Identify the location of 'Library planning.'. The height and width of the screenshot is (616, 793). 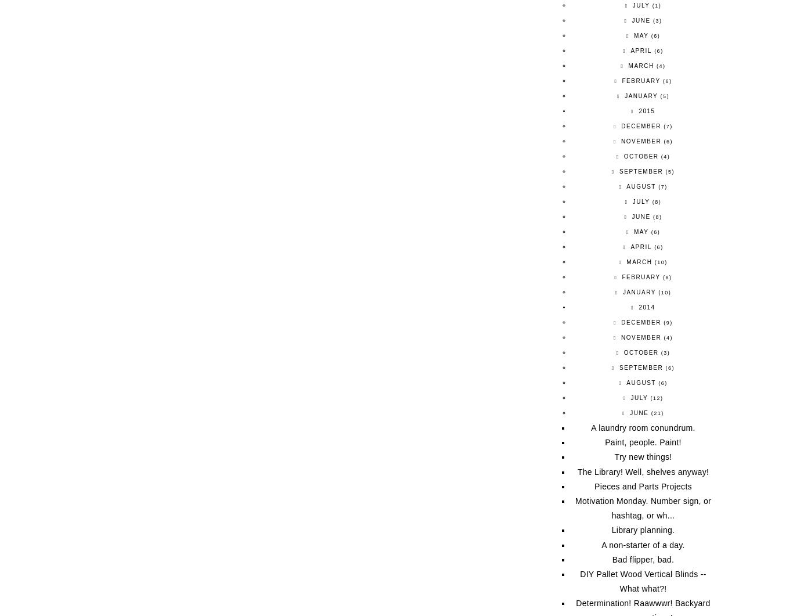
(642, 529).